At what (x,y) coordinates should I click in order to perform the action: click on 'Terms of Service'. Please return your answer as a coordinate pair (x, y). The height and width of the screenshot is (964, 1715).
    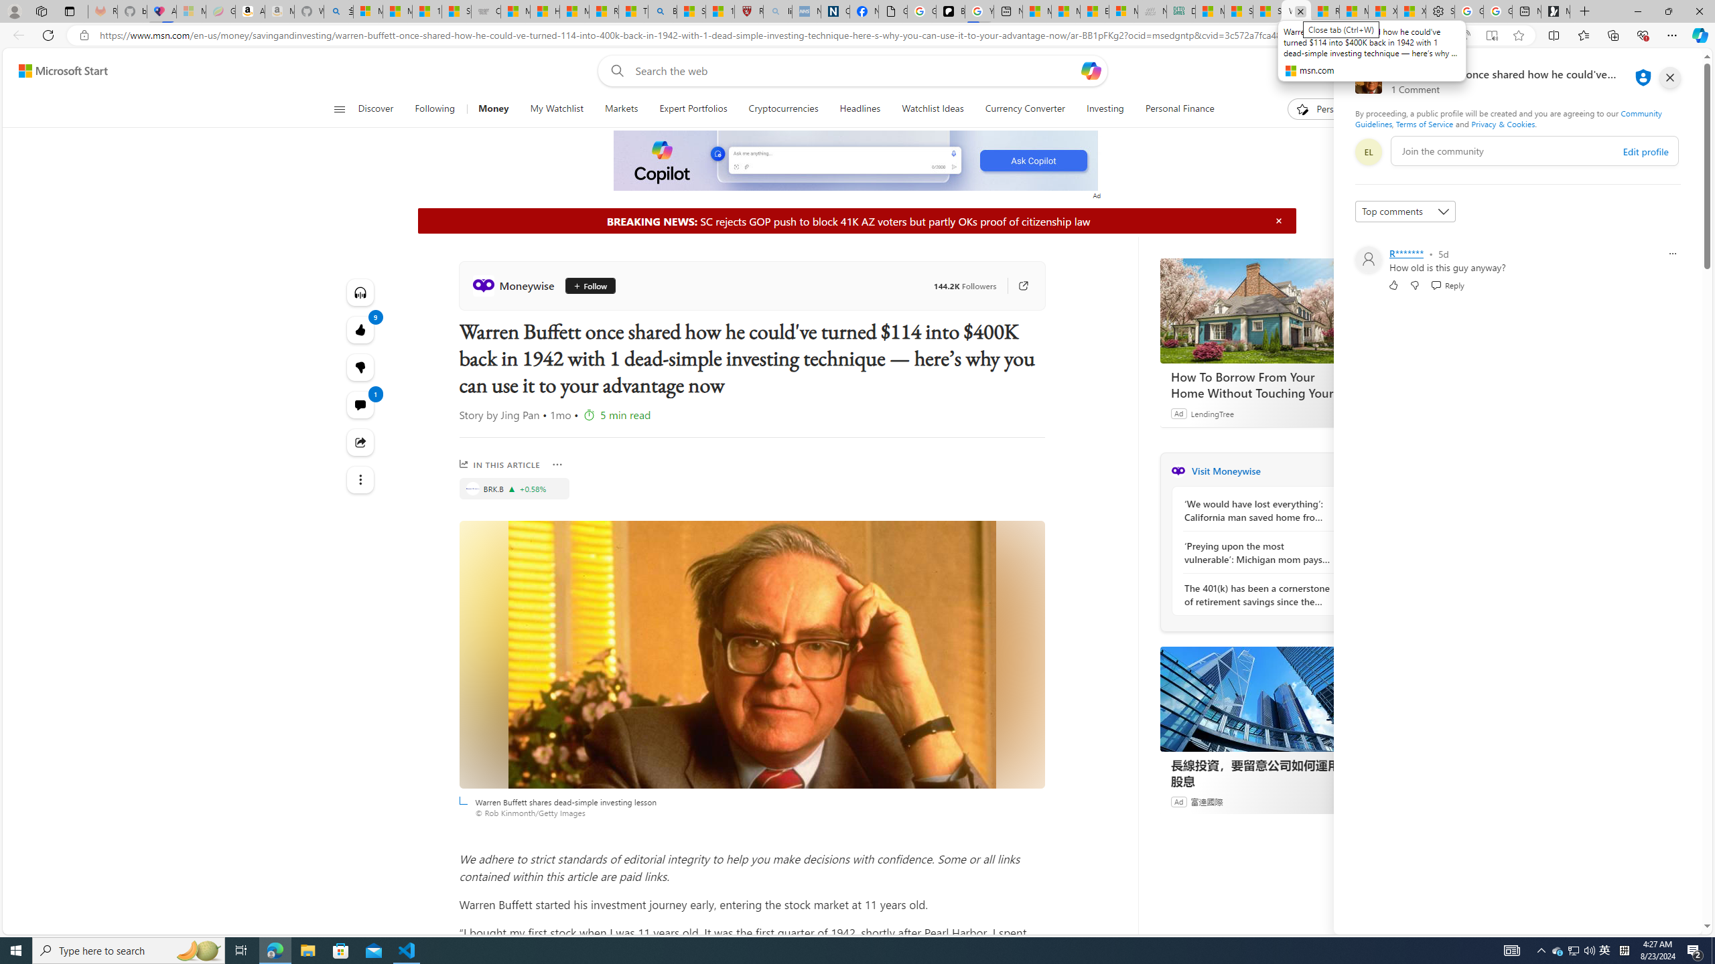
    Looking at the image, I should click on (1425, 123).